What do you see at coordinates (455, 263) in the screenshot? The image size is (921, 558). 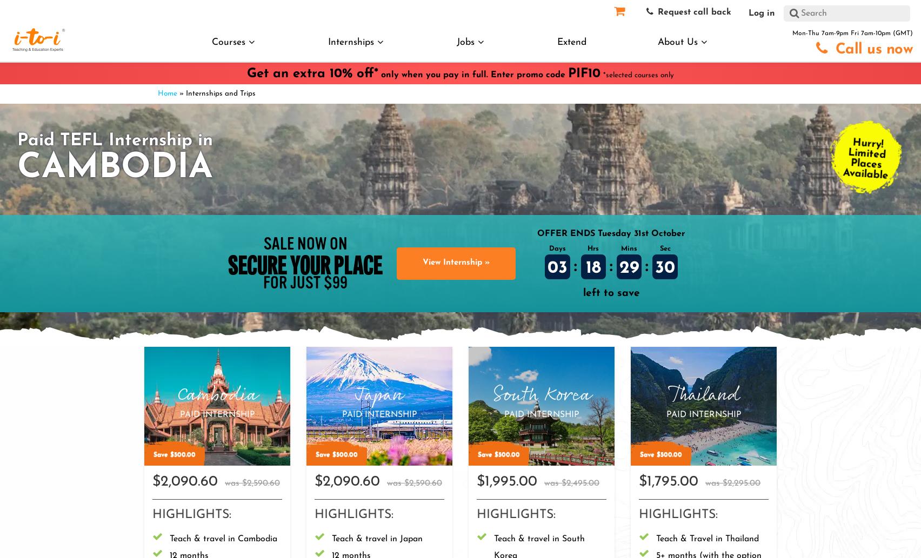 I see `'View
                            Internship »'` at bounding box center [455, 263].